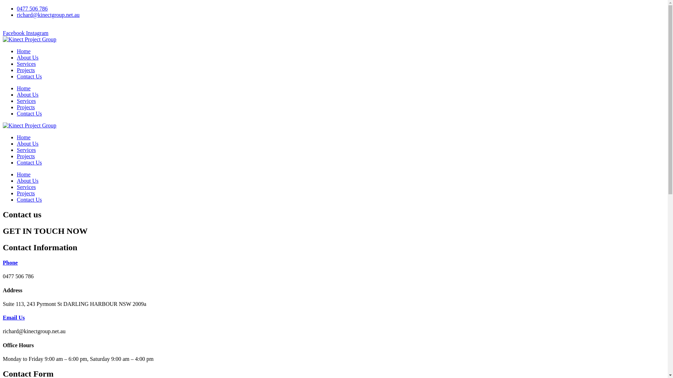  What do you see at coordinates (17, 156) in the screenshot?
I see `'Projects'` at bounding box center [17, 156].